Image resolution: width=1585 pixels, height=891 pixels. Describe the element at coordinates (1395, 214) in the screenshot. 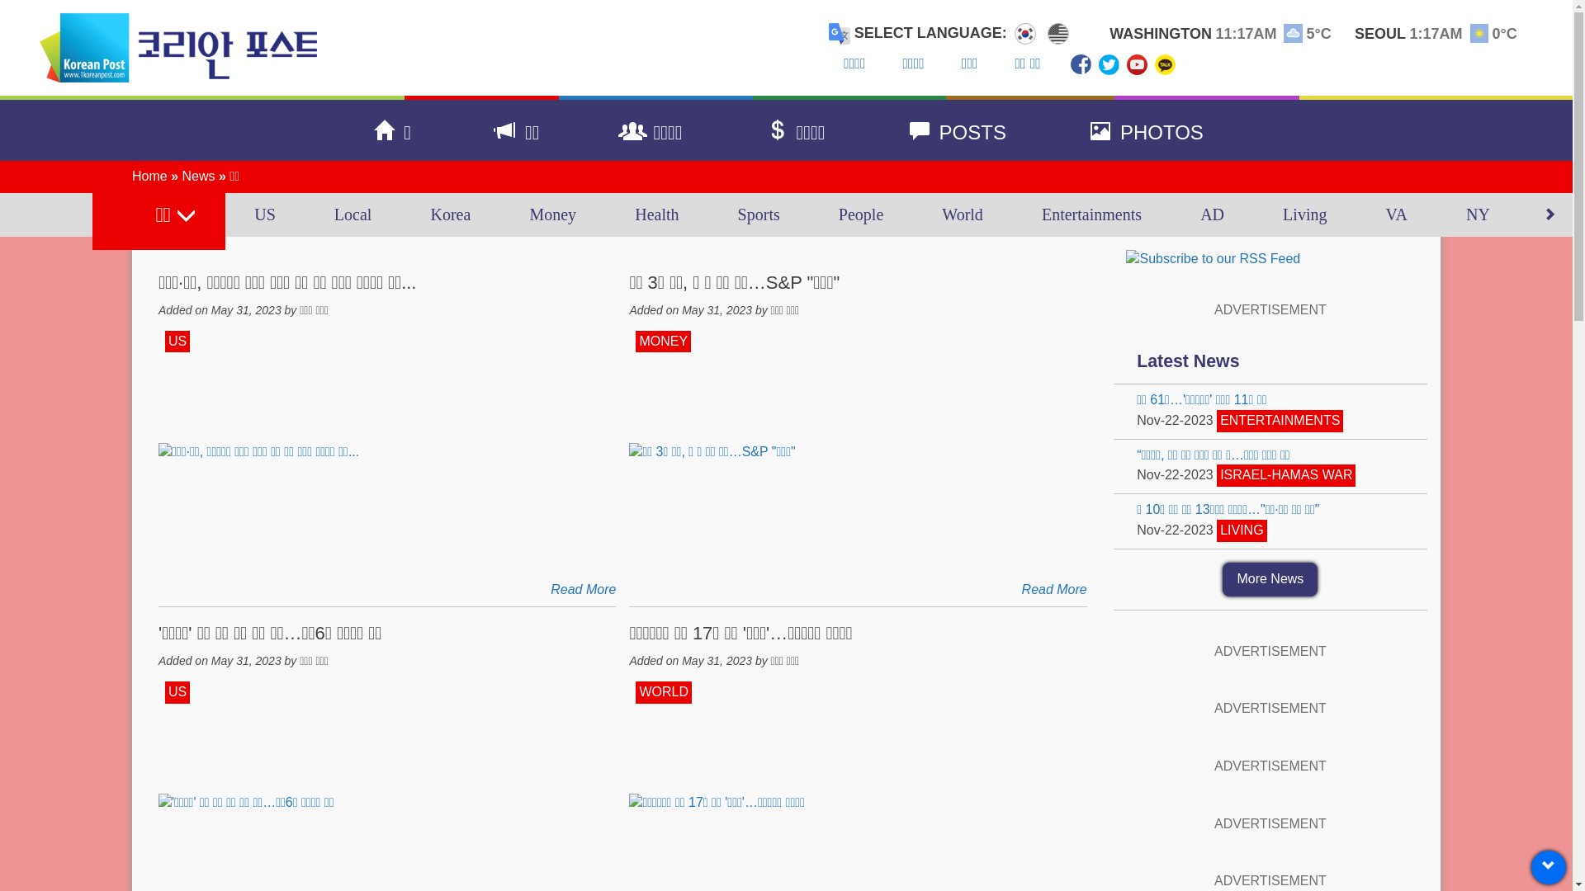

I see `'VA'` at that location.